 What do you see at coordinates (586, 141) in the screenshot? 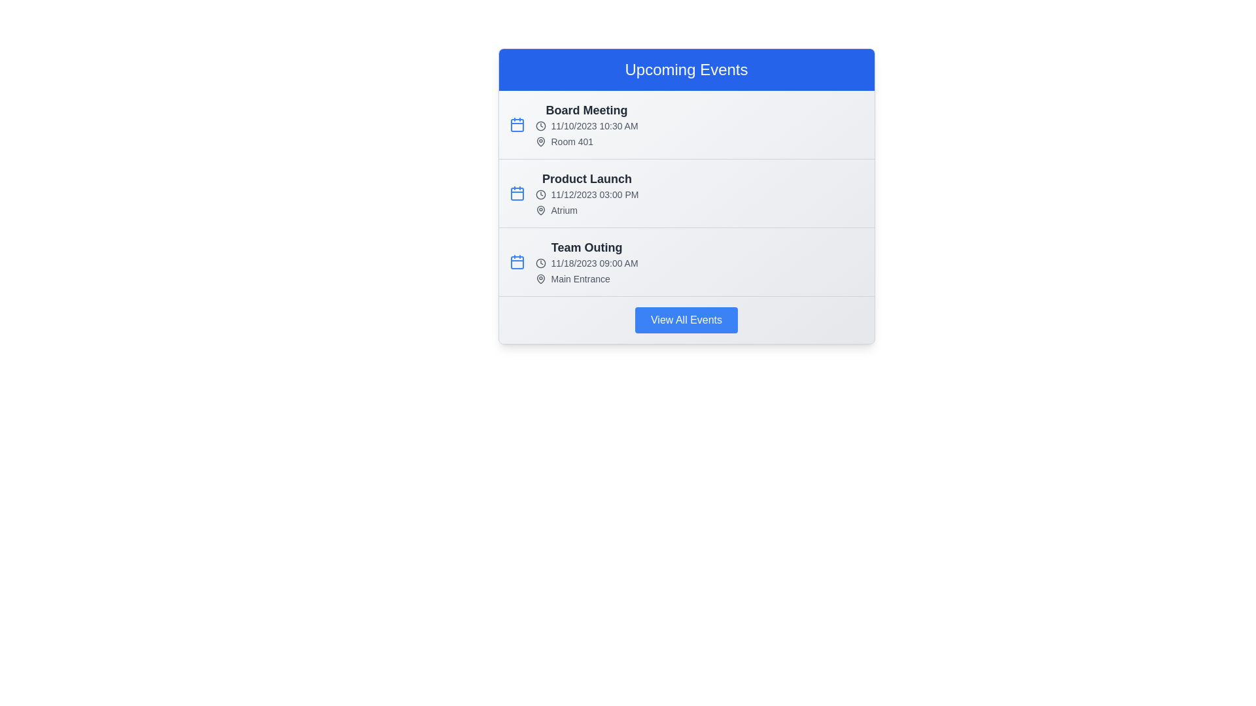
I see `label indicating the specific location for the 'Board Meeting' event, which is located below the date and time information and paired with a map pin icon` at bounding box center [586, 141].